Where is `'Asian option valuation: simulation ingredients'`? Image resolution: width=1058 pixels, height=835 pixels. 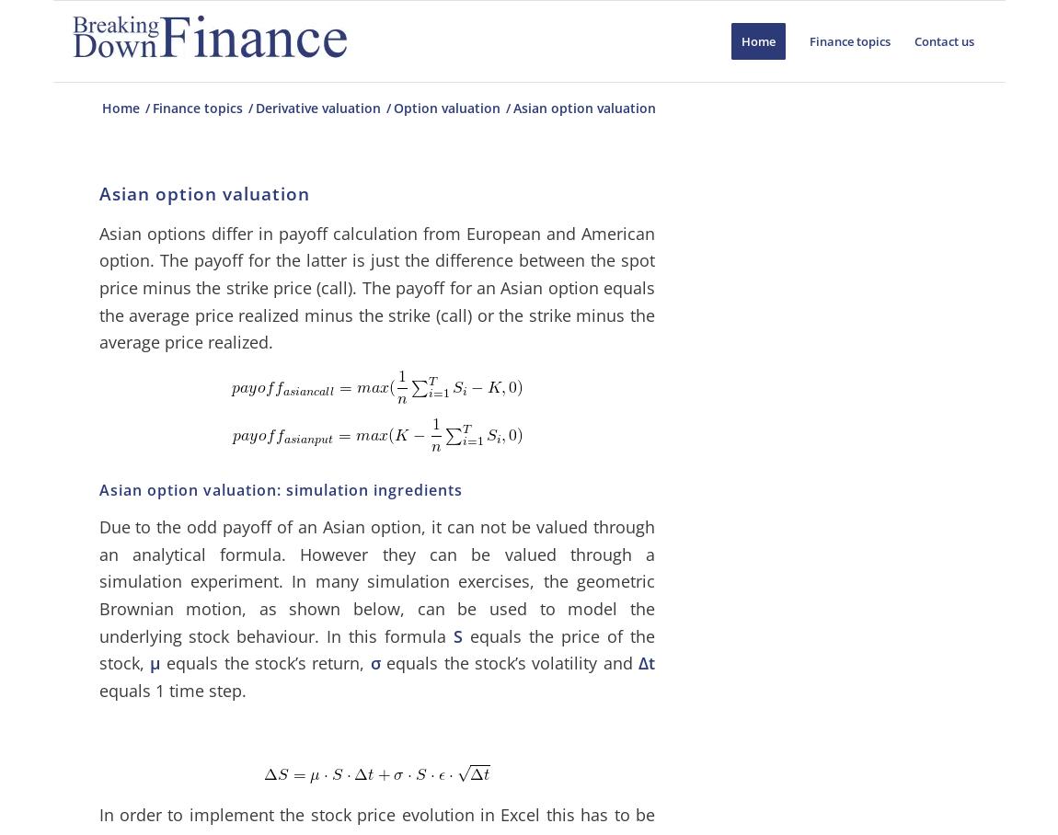
'Asian option valuation: simulation ingredients' is located at coordinates (280, 487).